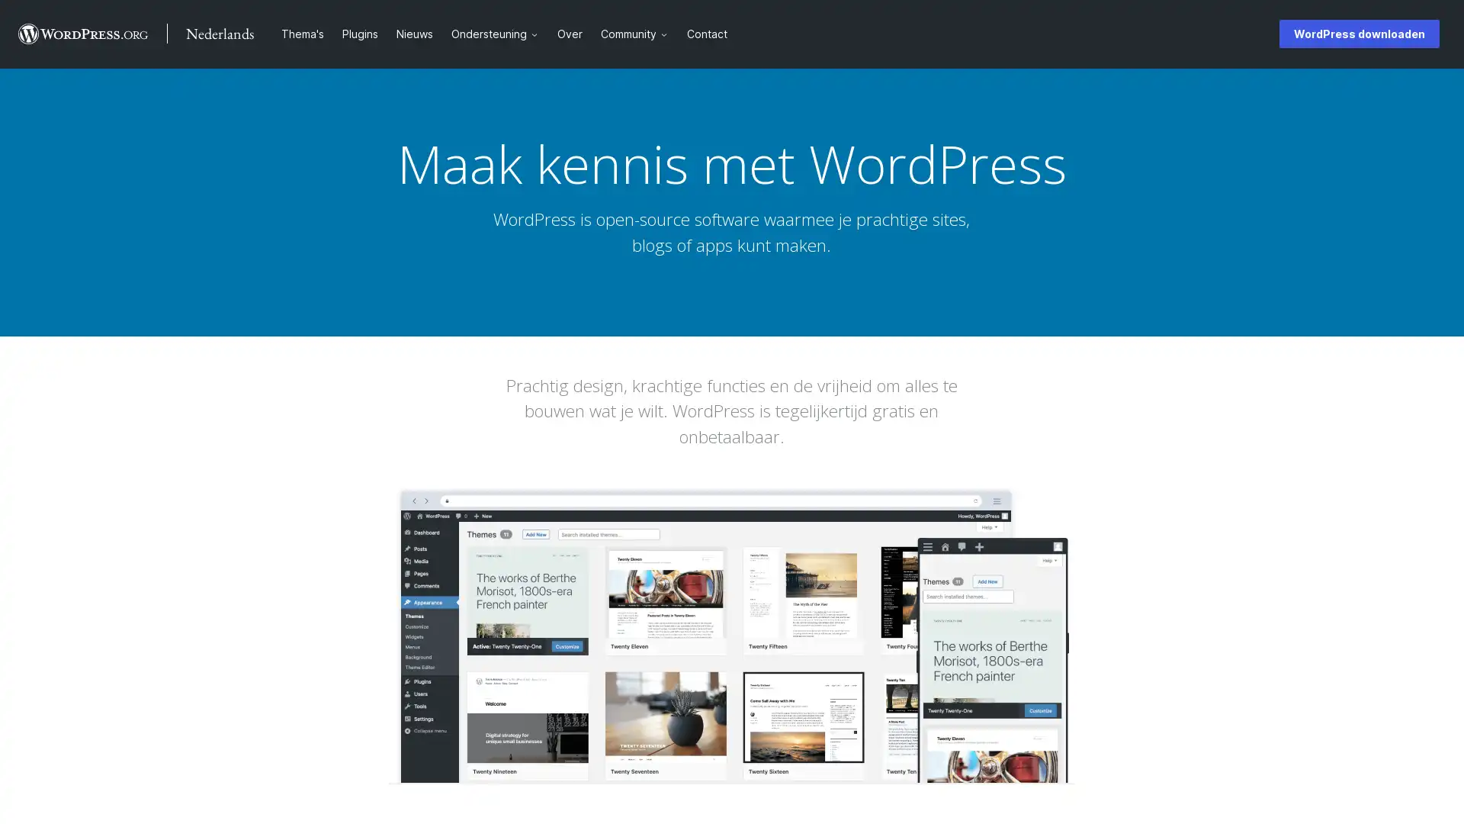 The image size is (1464, 824). I want to click on Ondersteuning submenu, so click(538, 34).